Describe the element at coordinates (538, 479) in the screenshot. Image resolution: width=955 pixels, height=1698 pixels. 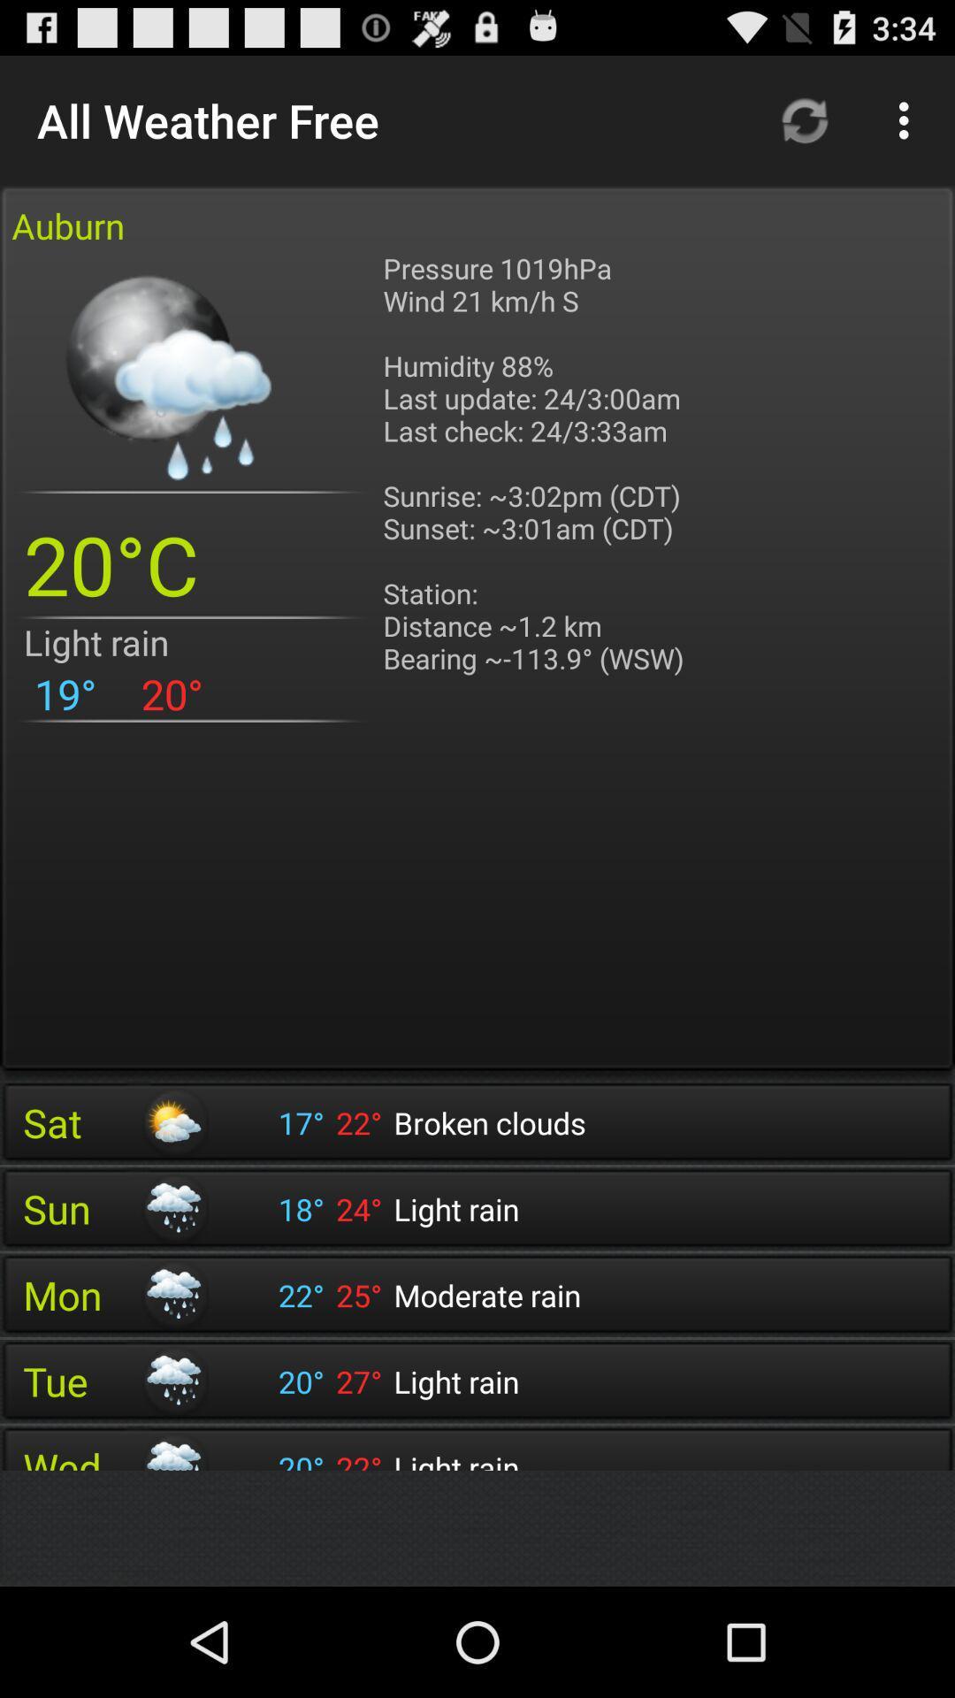
I see `the text on the right next to the 1st image on the web page` at that location.